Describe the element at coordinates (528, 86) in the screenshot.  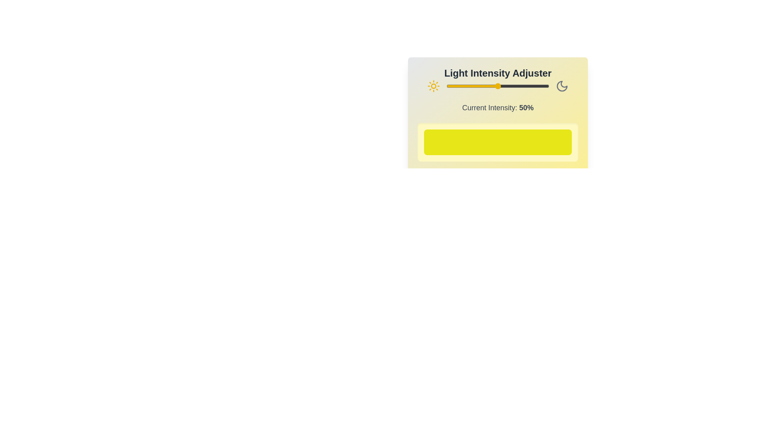
I see `the light intensity to 79% by moving the slider` at that location.